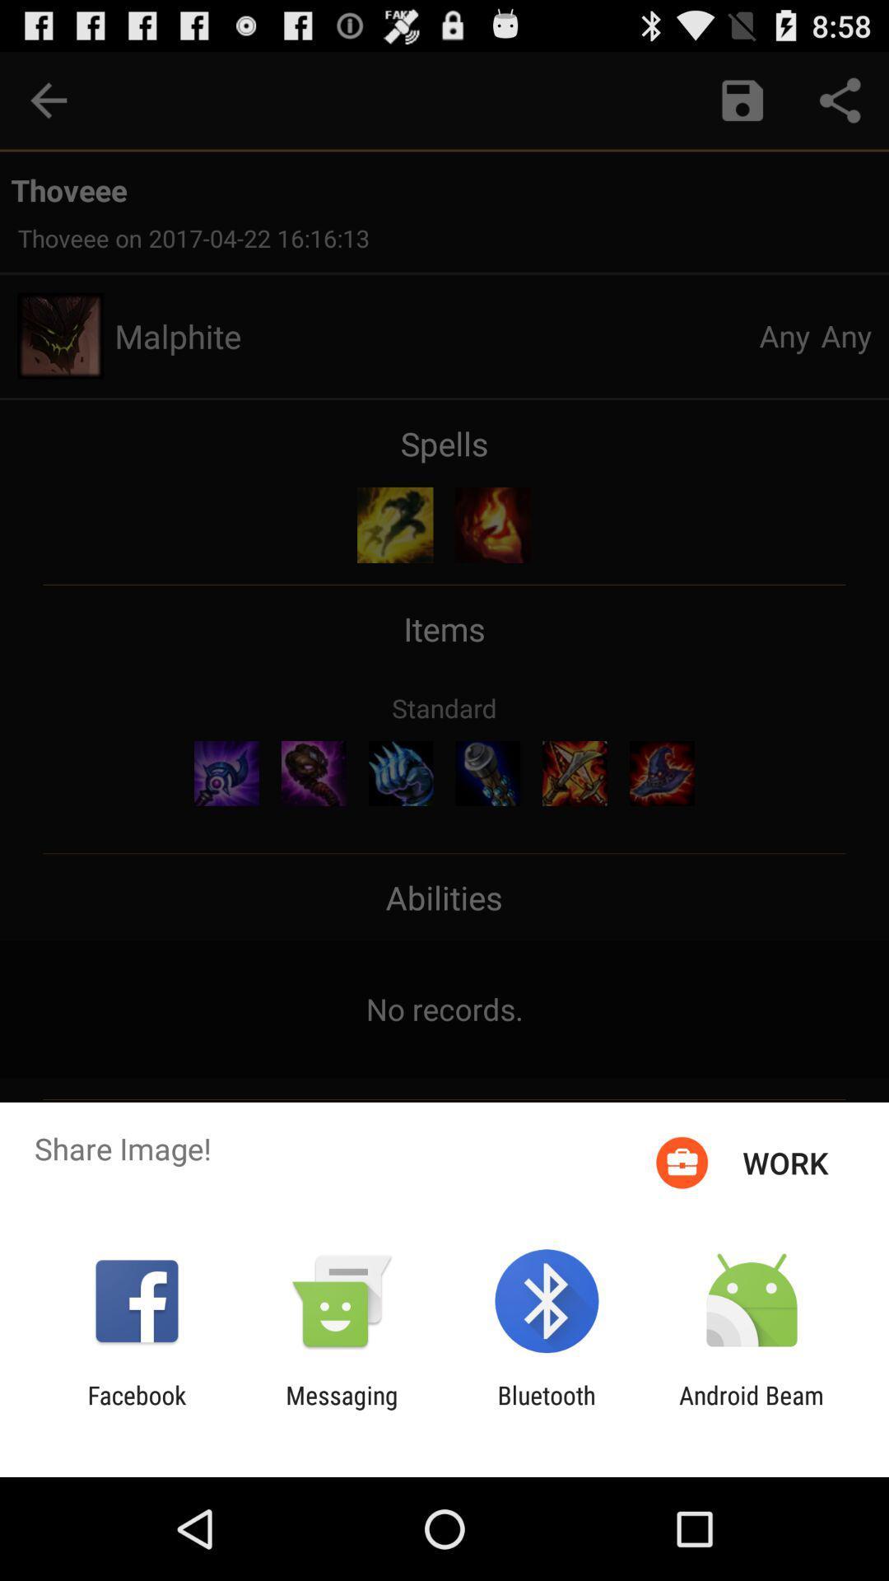  Describe the element at coordinates (341, 1409) in the screenshot. I see `item next to the facebook icon` at that location.